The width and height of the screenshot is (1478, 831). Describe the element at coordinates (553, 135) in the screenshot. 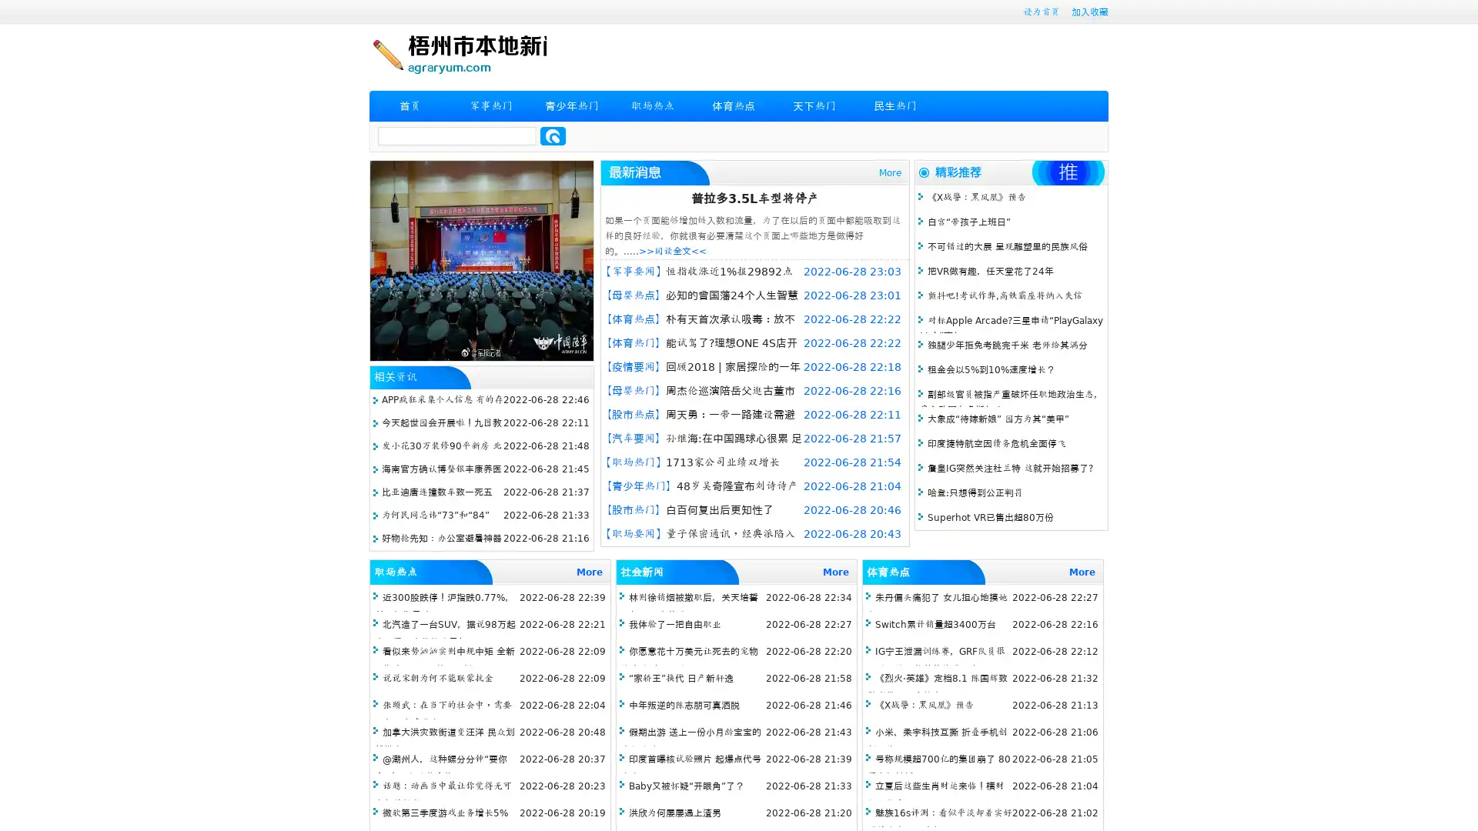

I see `Search` at that location.